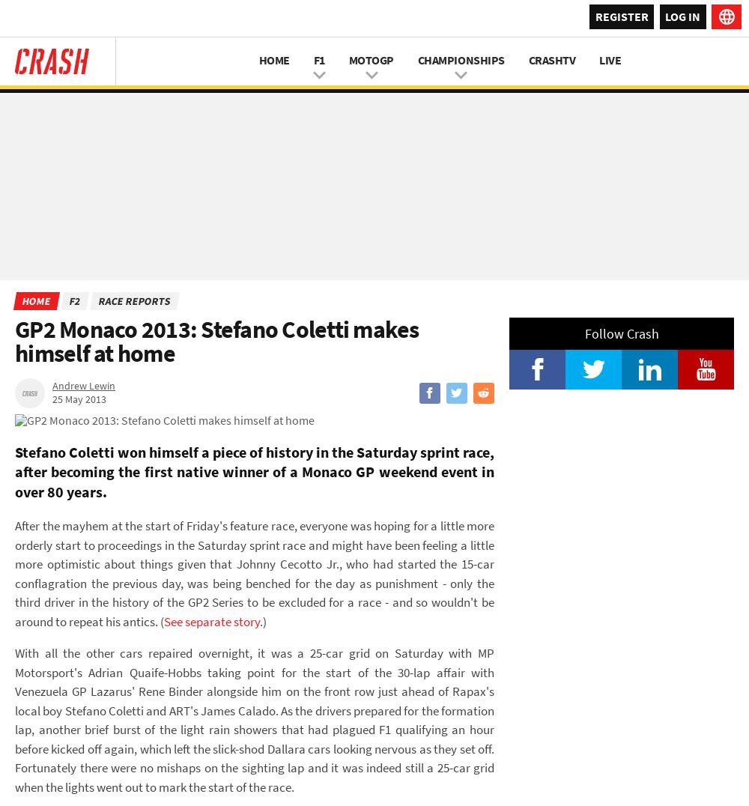  Describe the element at coordinates (262, 619) in the screenshot. I see `'.)'` at that location.